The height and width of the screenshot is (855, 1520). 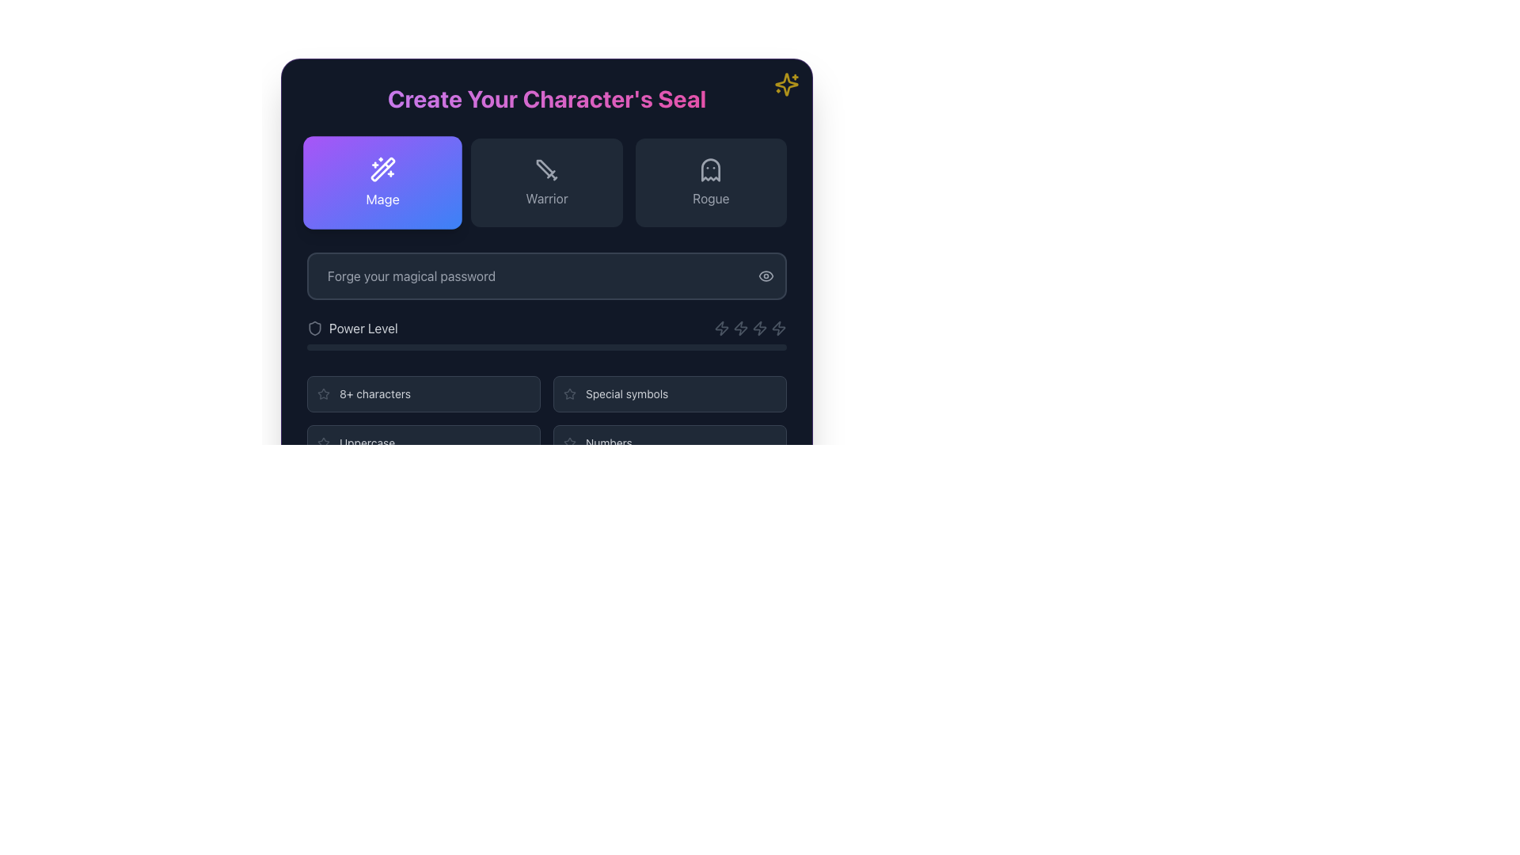 I want to click on the progress bar located near the bottom of the section labeled 'Power Level', which visually represents the power level measurement, so click(x=547, y=347).